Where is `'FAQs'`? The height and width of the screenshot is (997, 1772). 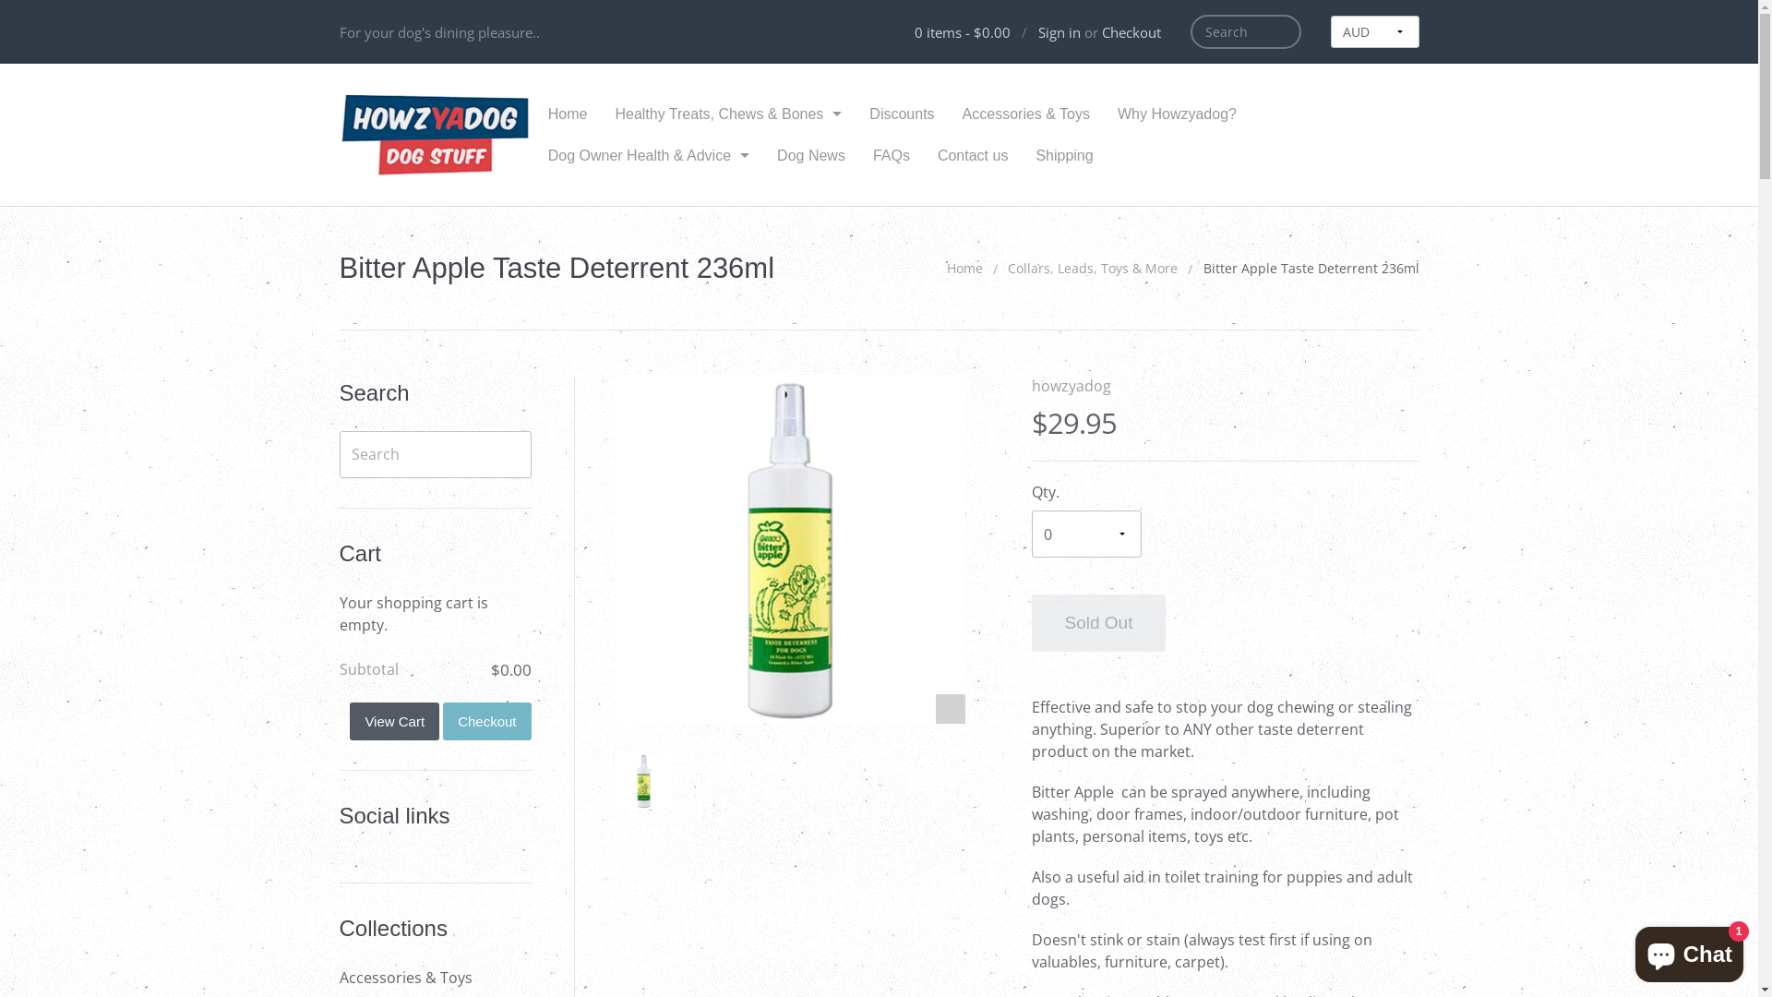 'FAQs' is located at coordinates (891, 154).